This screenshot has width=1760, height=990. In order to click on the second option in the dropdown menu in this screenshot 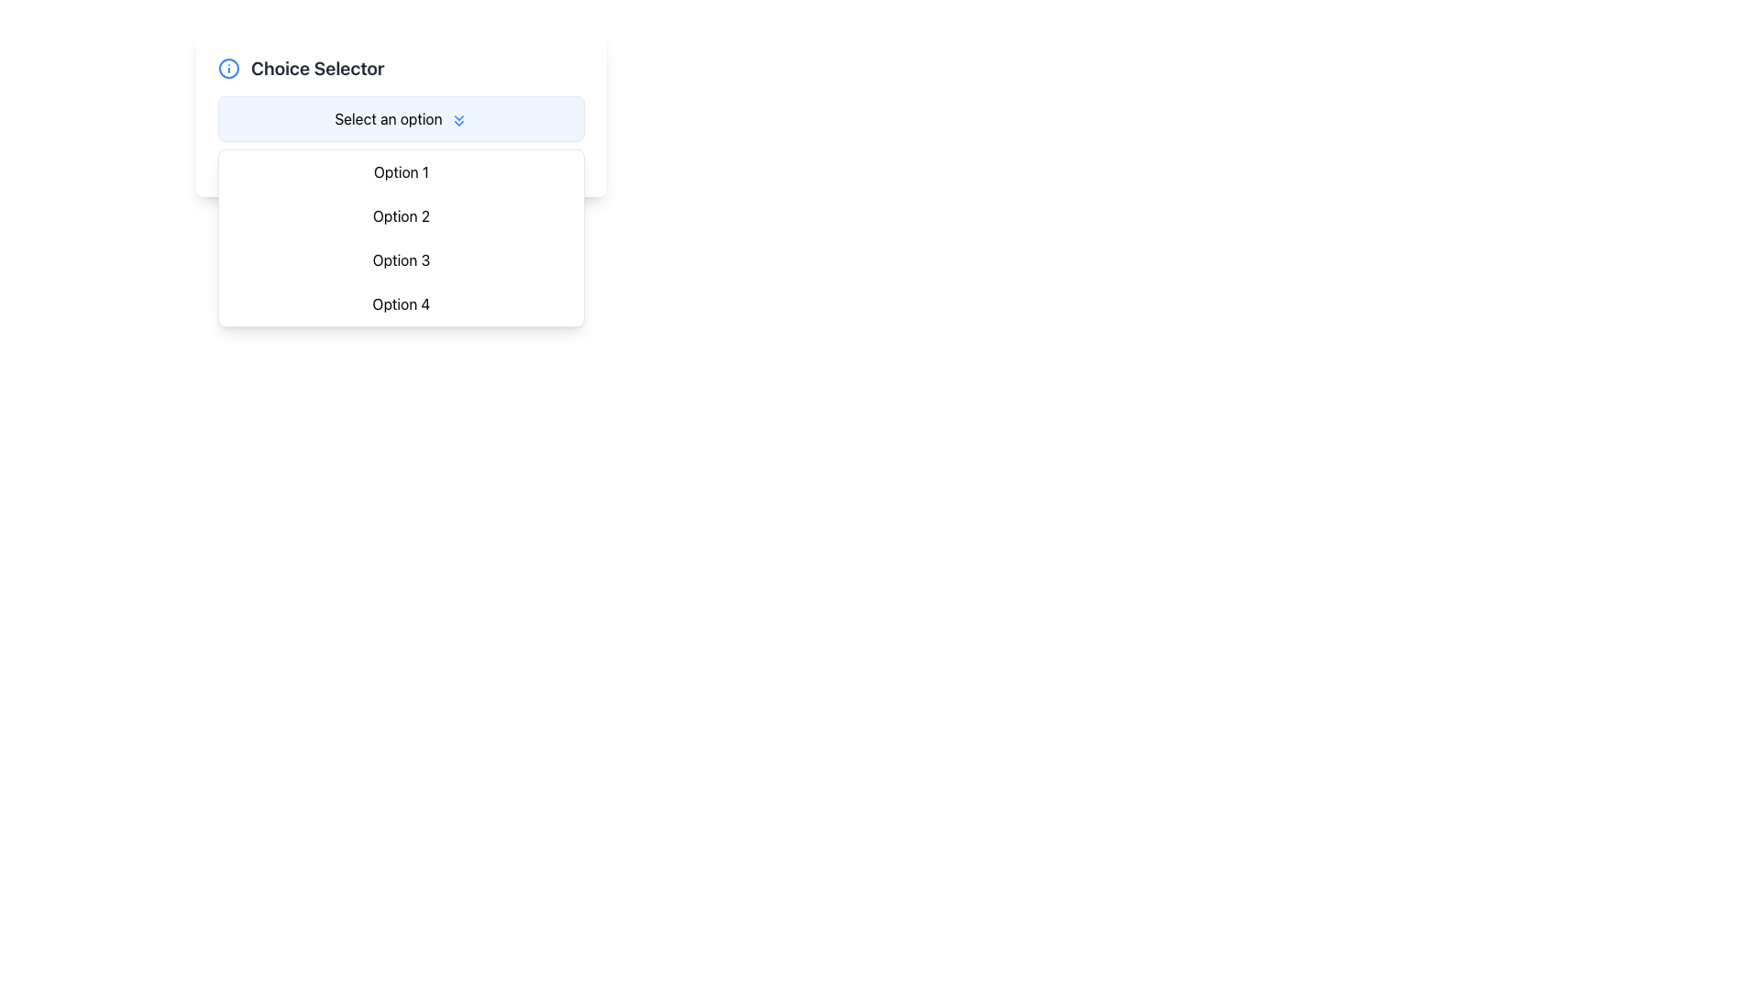, I will do `click(400, 214)`.